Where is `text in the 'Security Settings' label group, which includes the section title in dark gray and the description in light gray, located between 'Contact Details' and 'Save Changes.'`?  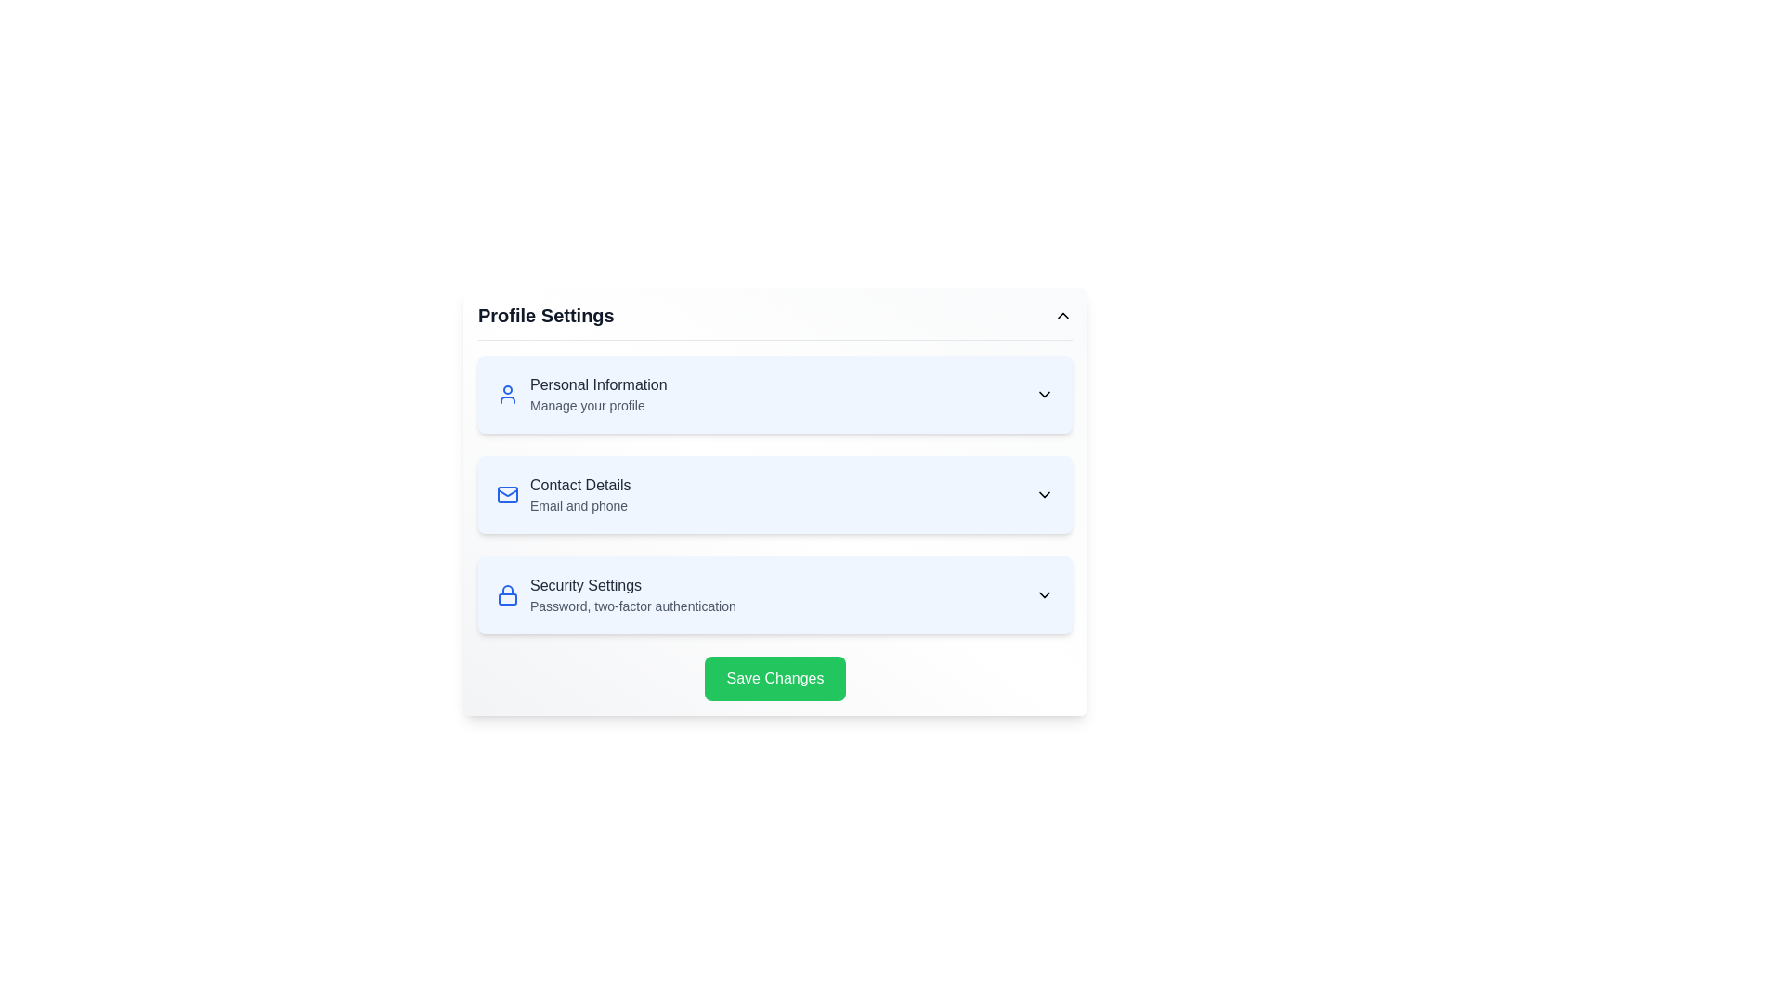
text in the 'Security Settings' label group, which includes the section title in dark gray and the description in light gray, located between 'Contact Details' and 'Save Changes.' is located at coordinates (632, 594).